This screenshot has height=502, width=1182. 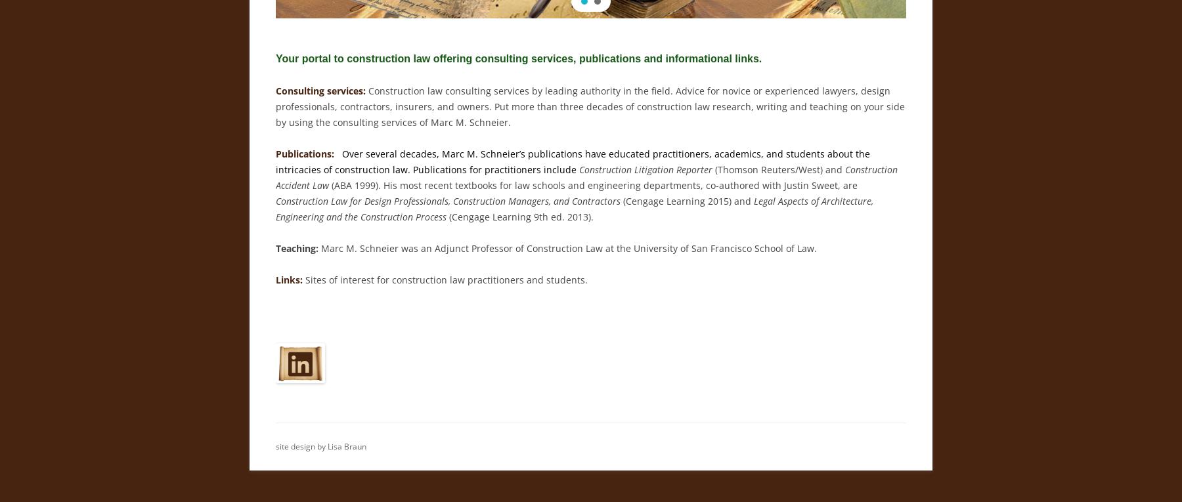 What do you see at coordinates (275, 57) in the screenshot?
I see `'Your portal to construction law offering consulting services, publications and informational links.'` at bounding box center [275, 57].